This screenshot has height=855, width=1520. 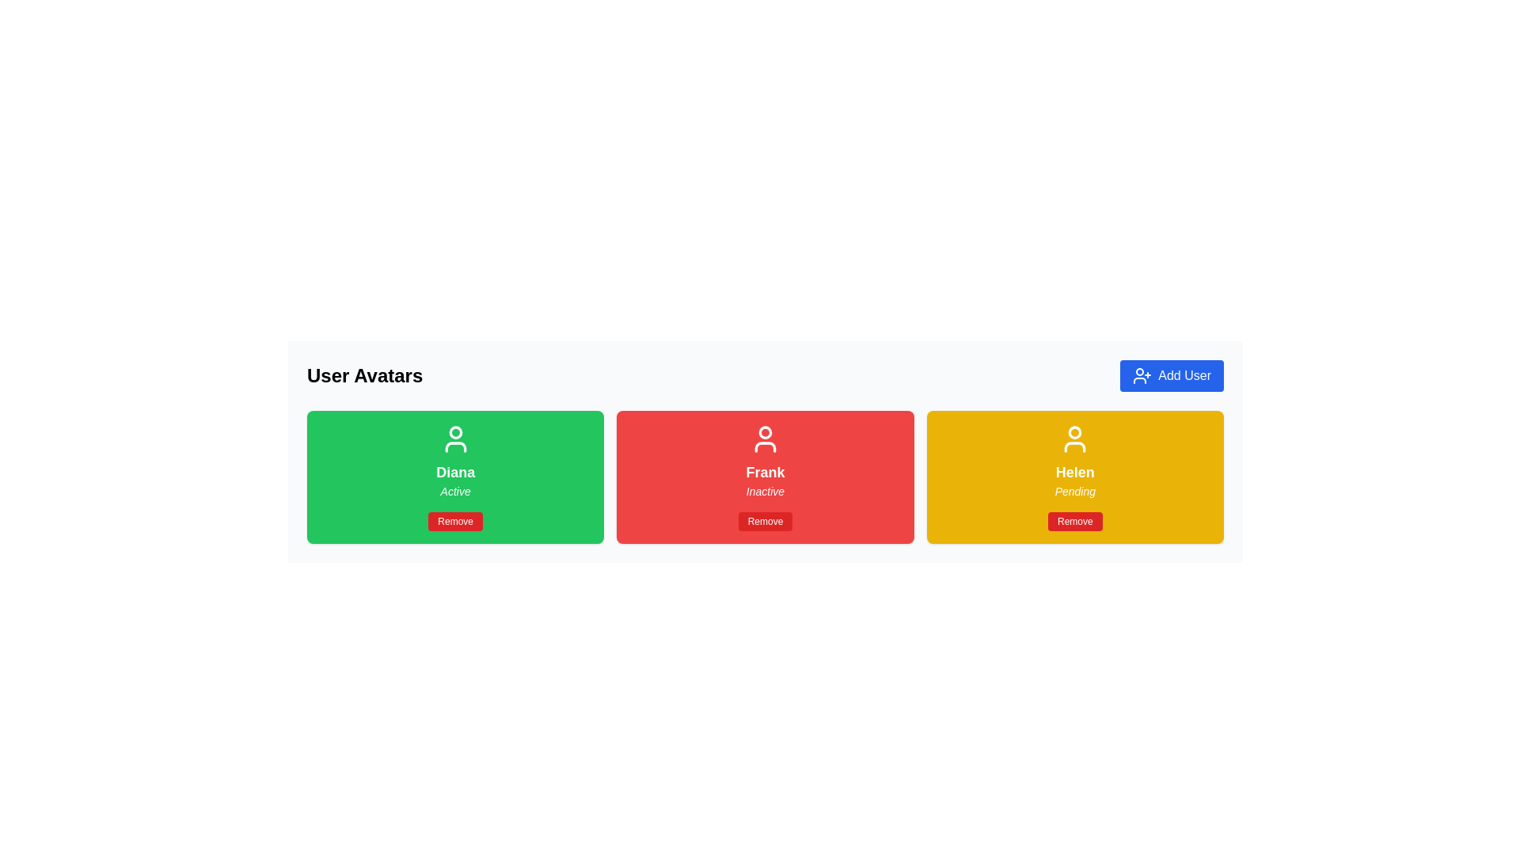 I want to click on the label of the button located in the top-right area of the section containing user avatars, so click(x=1184, y=375).